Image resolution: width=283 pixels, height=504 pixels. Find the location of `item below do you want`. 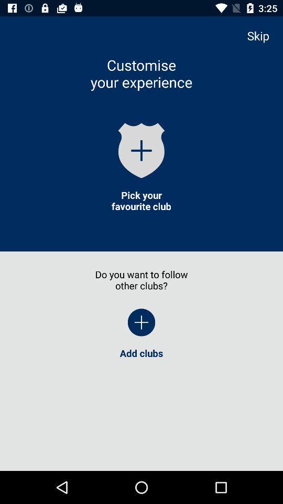

item below do you want is located at coordinates (141, 322).